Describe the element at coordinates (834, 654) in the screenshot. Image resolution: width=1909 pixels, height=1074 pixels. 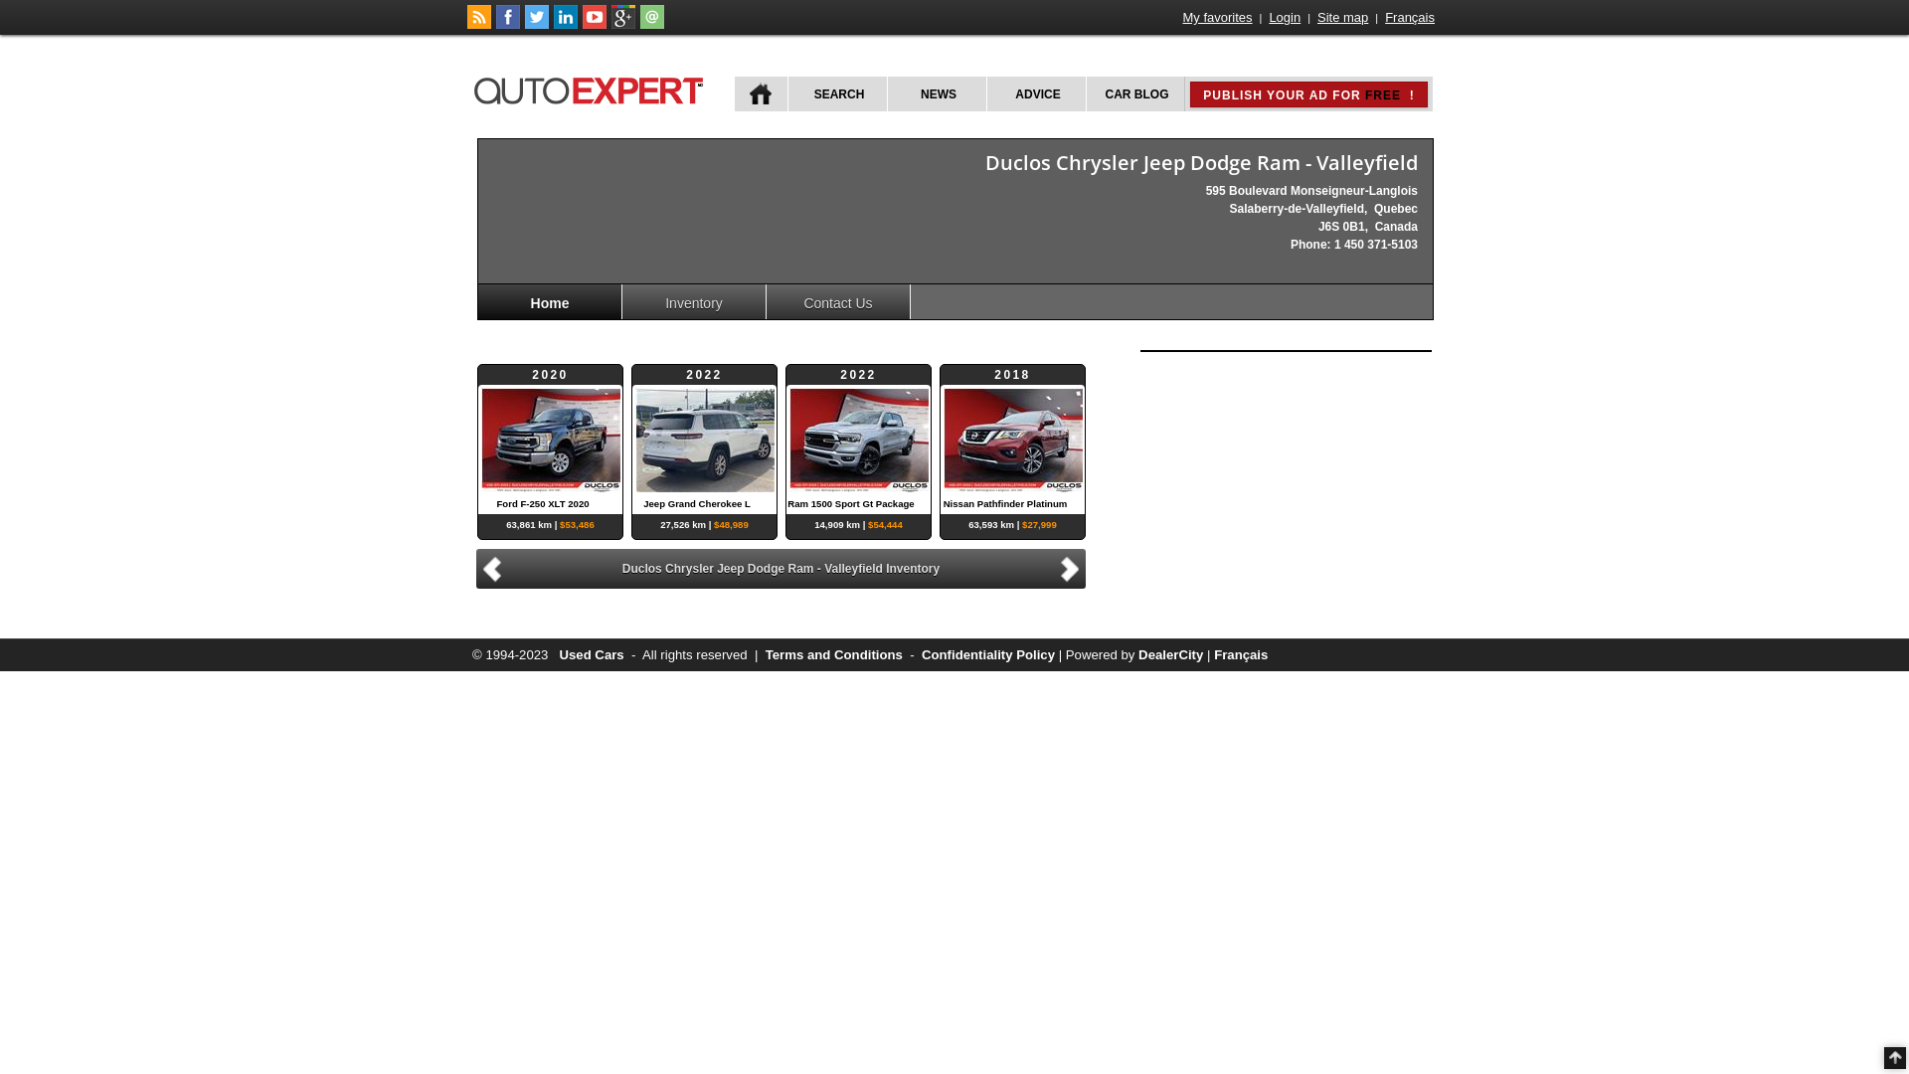
I see `'Terms and Conditions'` at that location.